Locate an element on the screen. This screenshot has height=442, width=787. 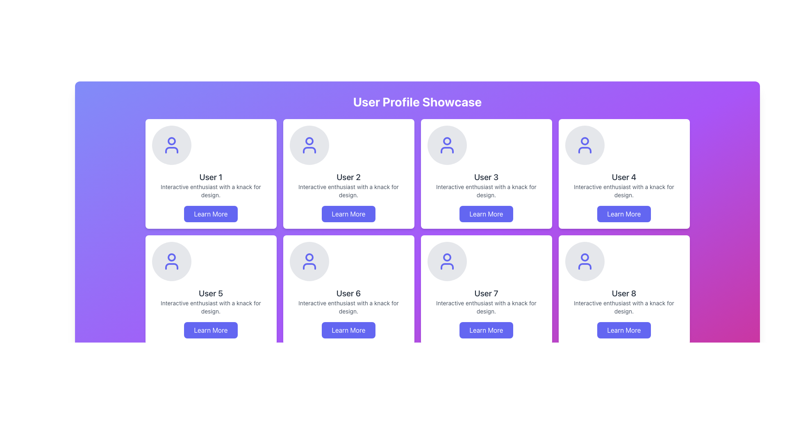
the 'Learn More' button located at the bottom center of the 'User 7' card to observe the style change is located at coordinates (486, 329).